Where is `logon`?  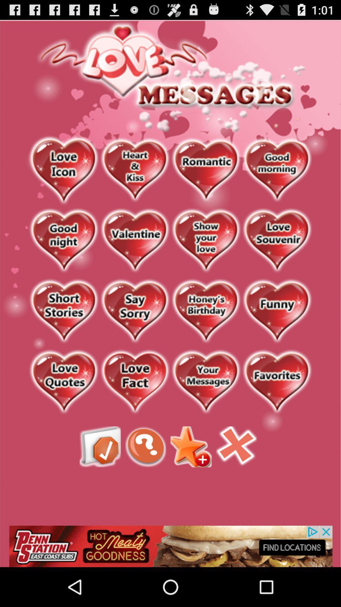
logon is located at coordinates (277, 241).